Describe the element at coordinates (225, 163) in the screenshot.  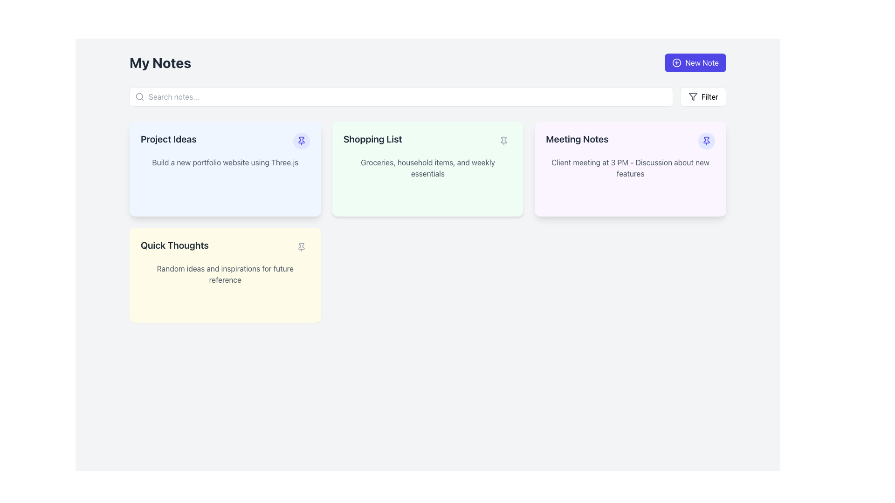
I see `the card component displaying the note titled 'Project Ideas' in the 'My Notes' section` at that location.